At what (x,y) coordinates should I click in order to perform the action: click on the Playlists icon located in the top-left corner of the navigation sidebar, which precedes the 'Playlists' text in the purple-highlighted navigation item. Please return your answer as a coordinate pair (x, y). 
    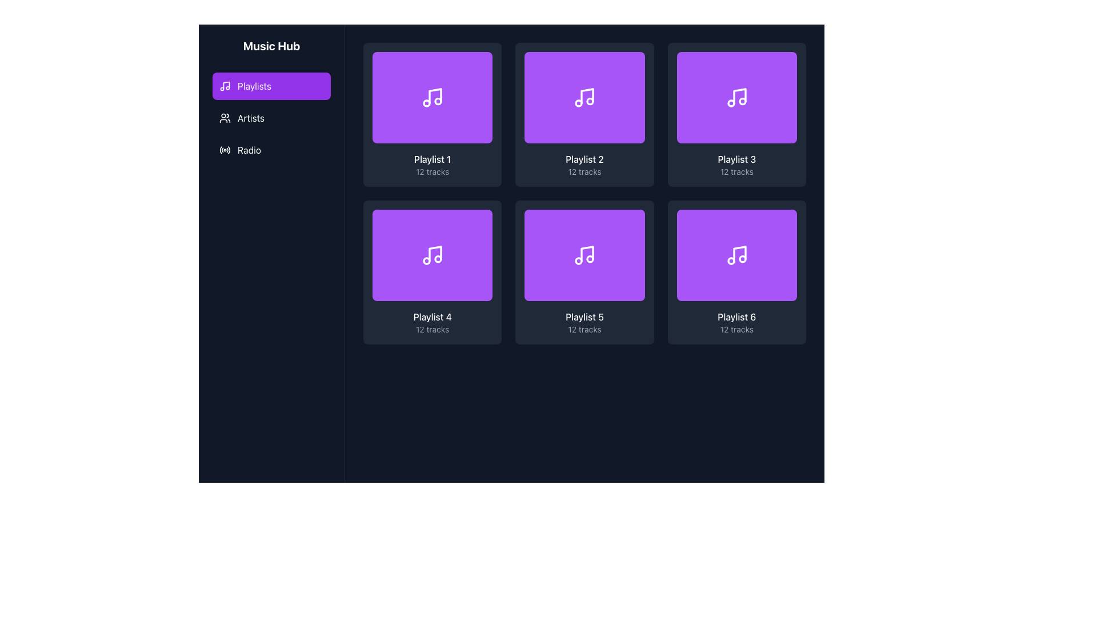
    Looking at the image, I should click on (225, 85).